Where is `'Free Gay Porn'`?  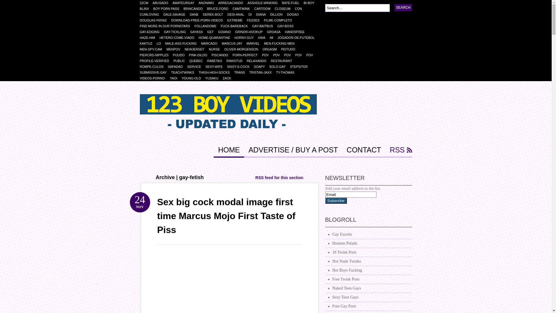
'Free Gay Porn' is located at coordinates (368, 306).